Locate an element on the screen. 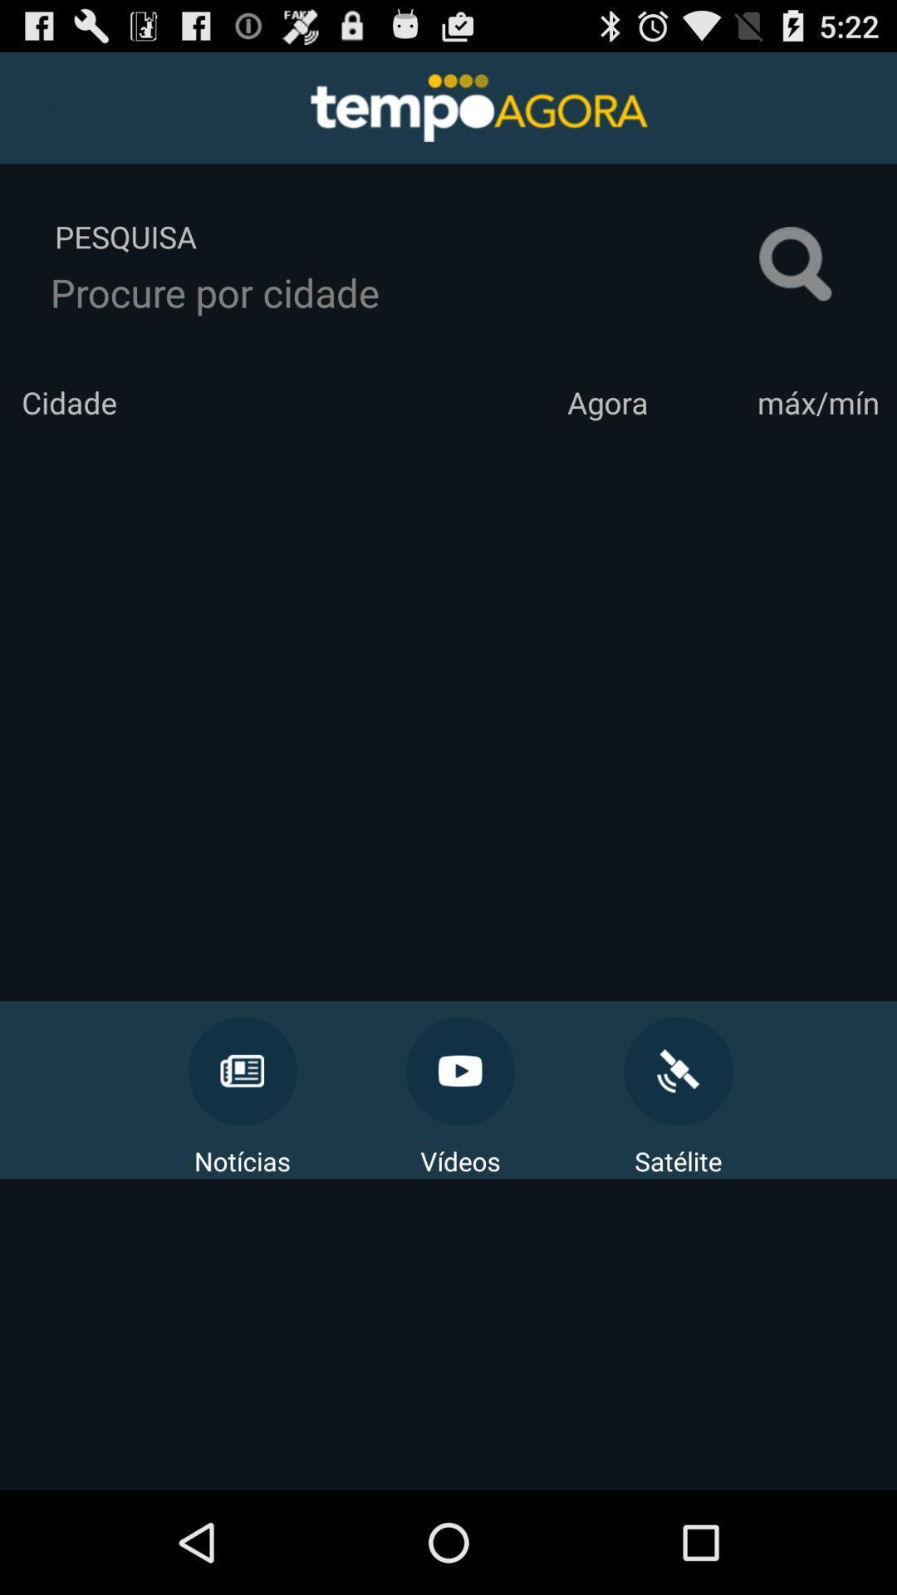  item to the right of pesquisa is located at coordinates (794, 263).